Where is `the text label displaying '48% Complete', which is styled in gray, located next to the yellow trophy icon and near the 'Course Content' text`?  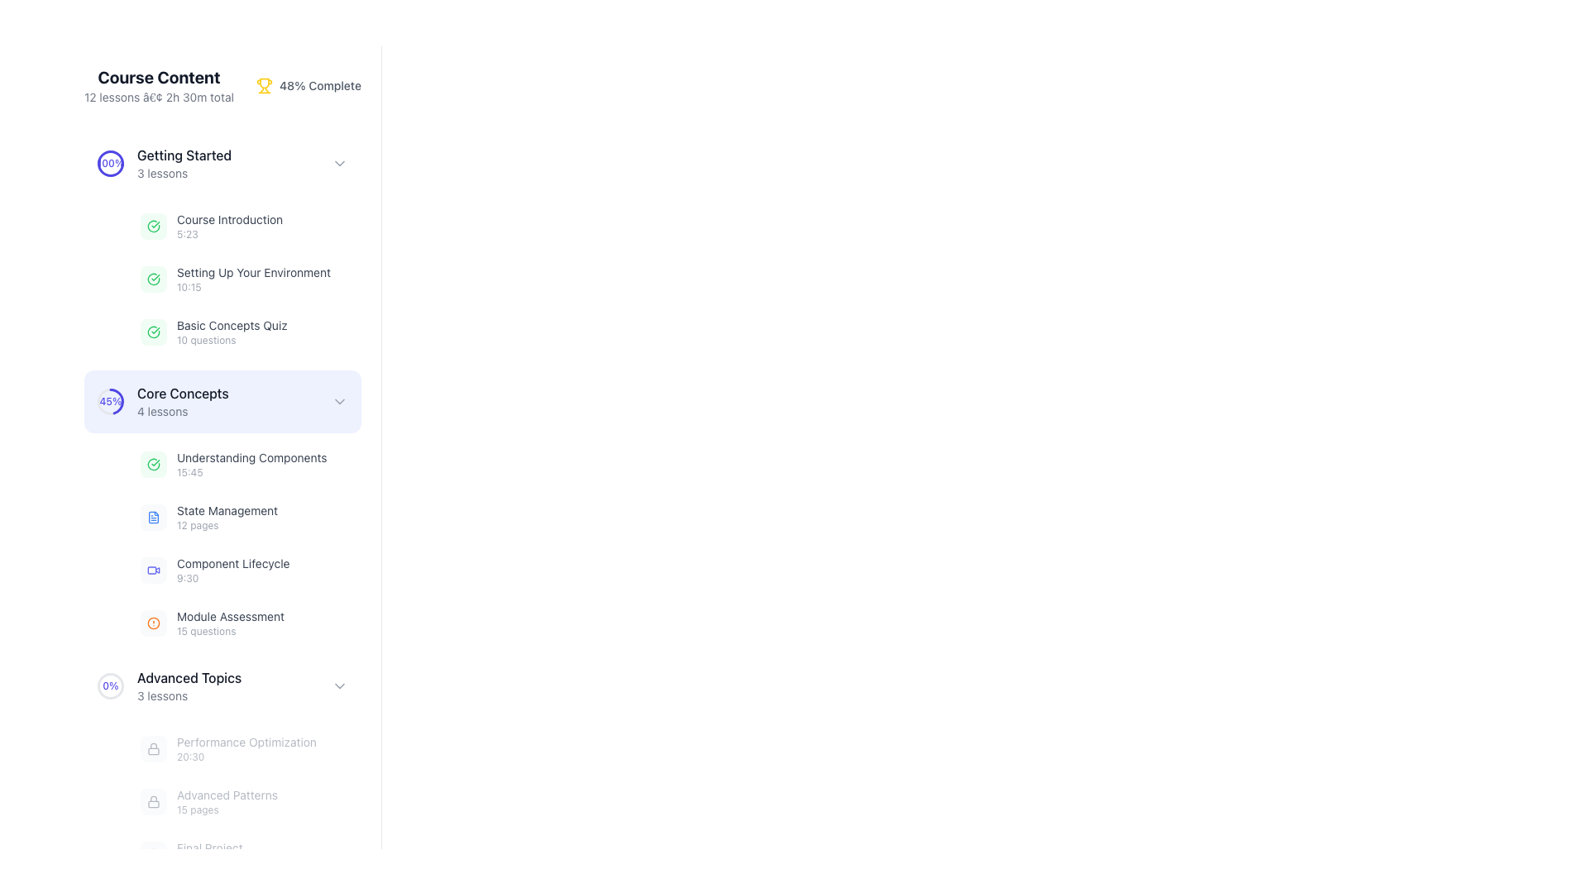 the text label displaying '48% Complete', which is styled in gray, located next to the yellow trophy icon and near the 'Course Content' text is located at coordinates (320, 86).